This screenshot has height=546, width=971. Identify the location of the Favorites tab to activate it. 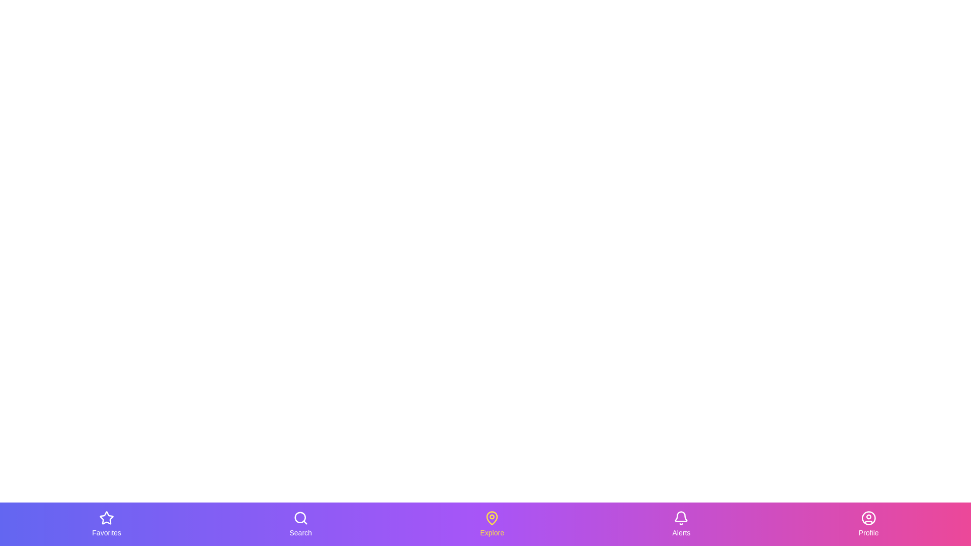
(107, 524).